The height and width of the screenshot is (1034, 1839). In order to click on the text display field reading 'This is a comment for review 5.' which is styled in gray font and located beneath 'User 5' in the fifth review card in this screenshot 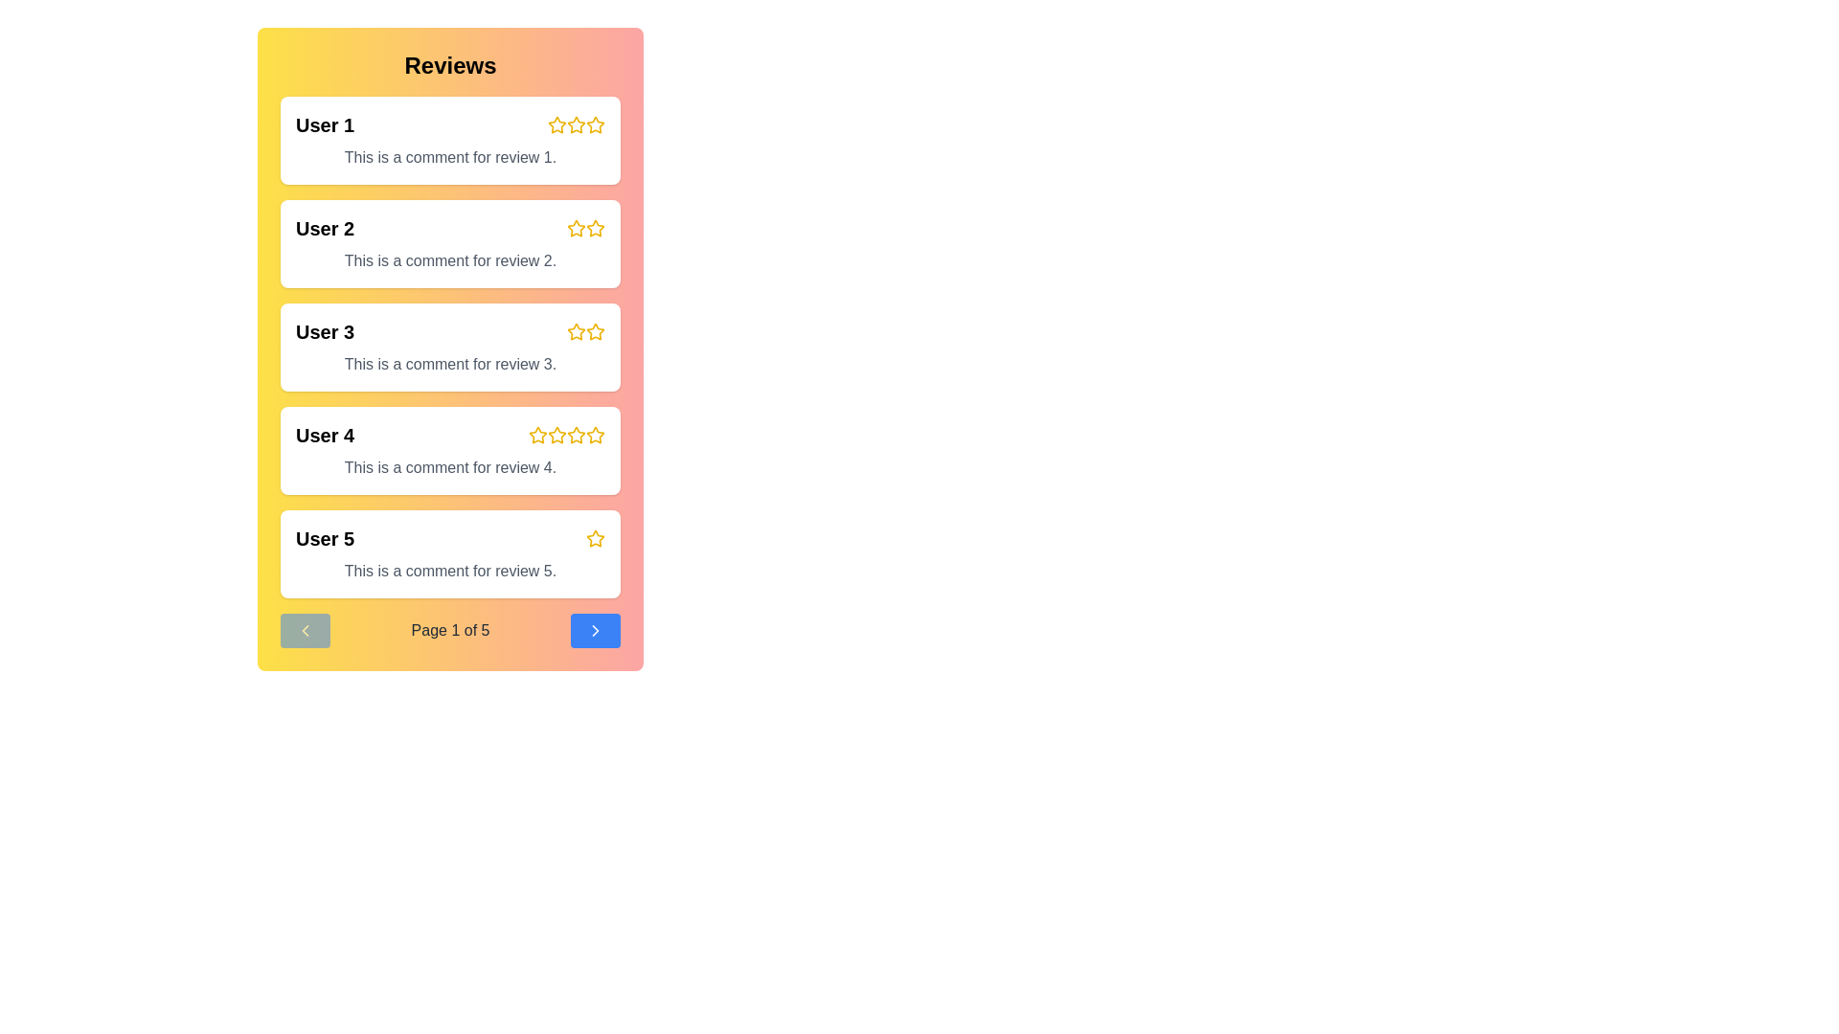, I will do `click(449, 571)`.